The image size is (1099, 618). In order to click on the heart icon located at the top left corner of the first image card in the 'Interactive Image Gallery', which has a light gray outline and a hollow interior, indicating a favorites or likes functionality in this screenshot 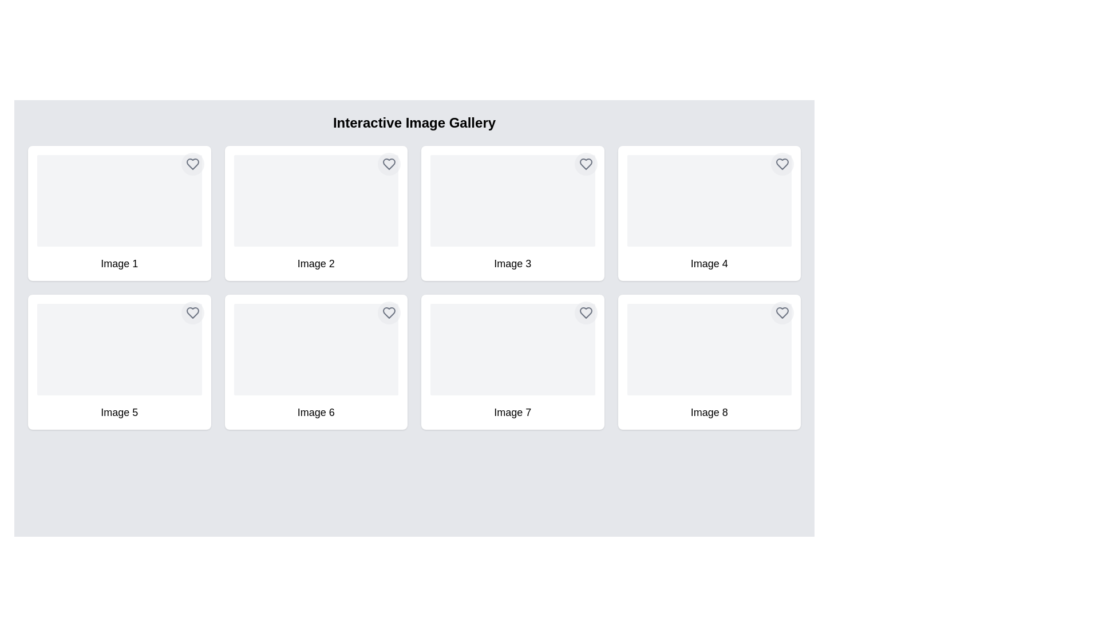, I will do `click(192, 164)`.